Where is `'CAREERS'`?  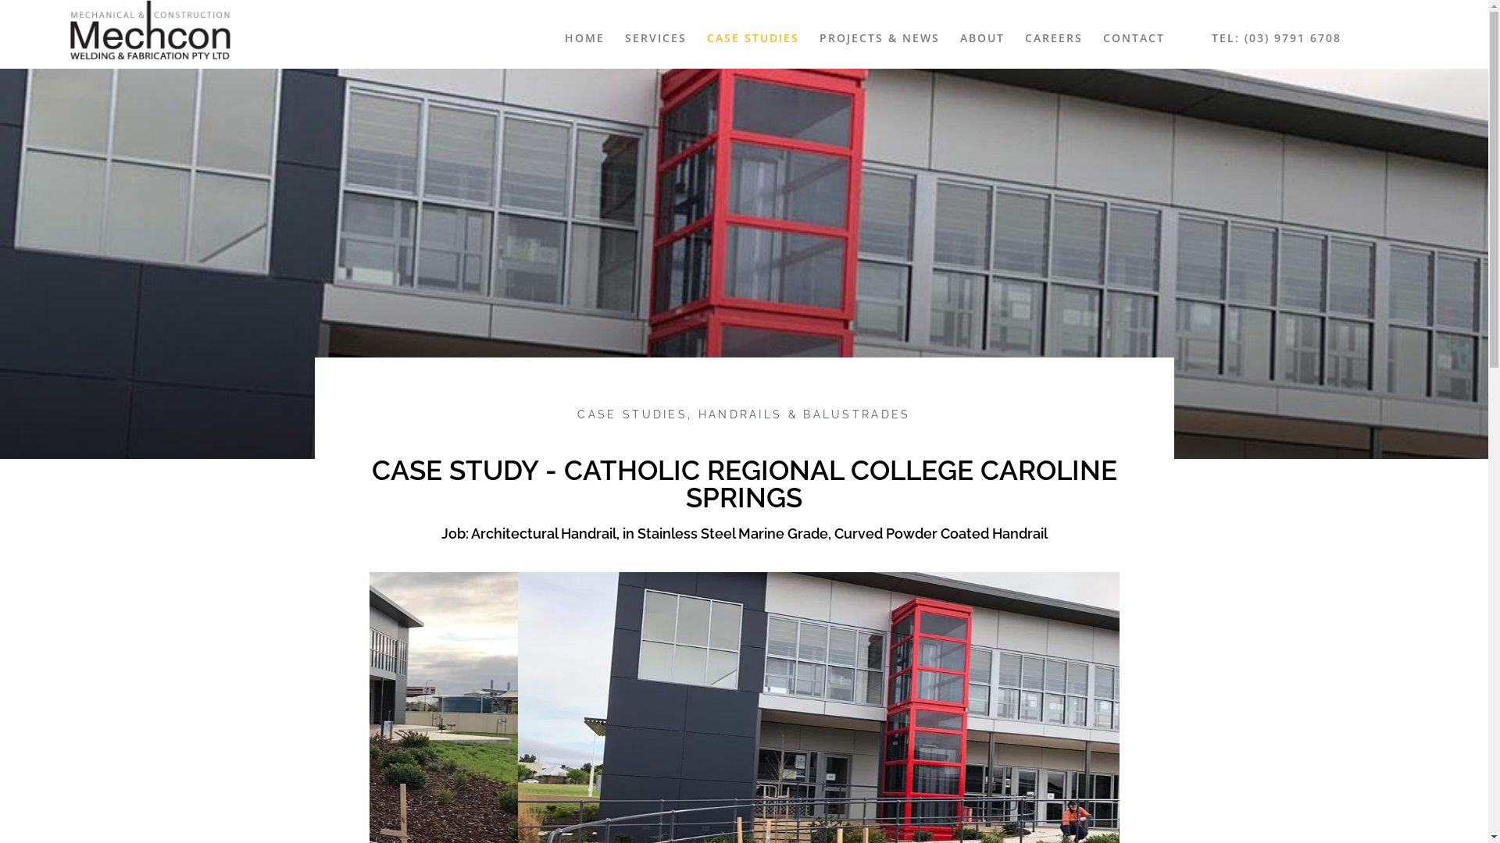 'CAREERS' is located at coordinates (1016, 37).